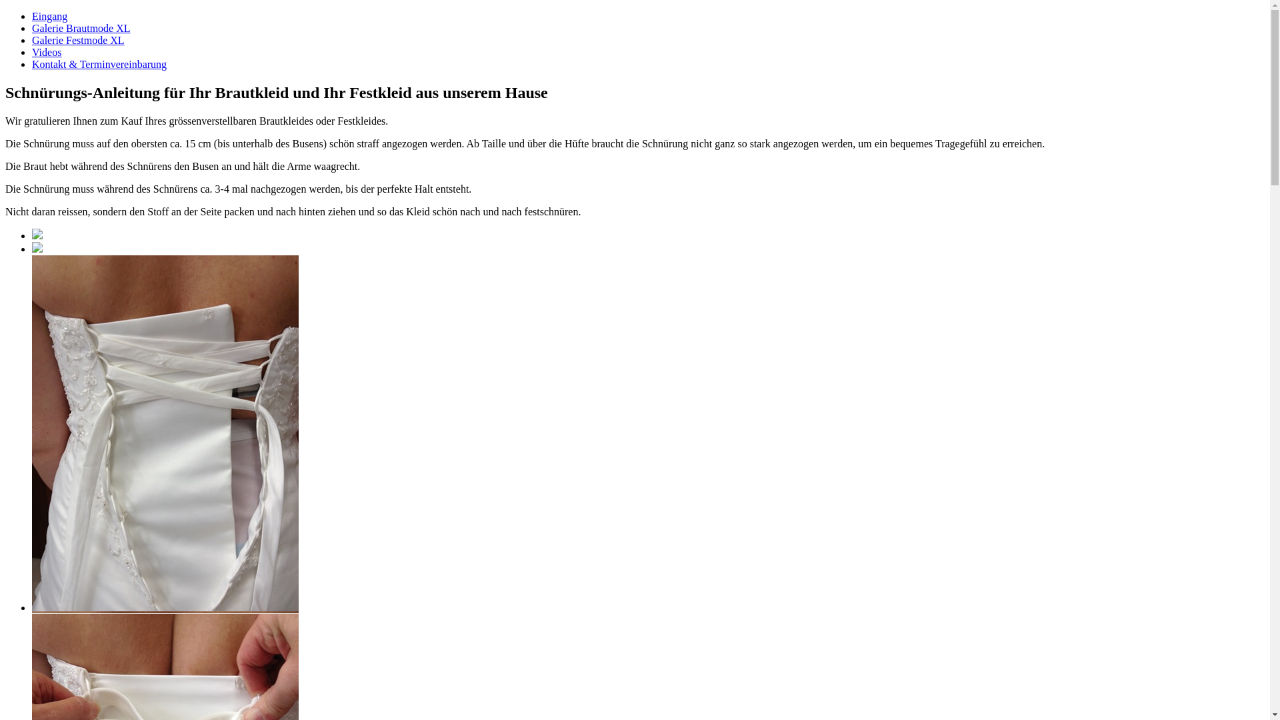 This screenshot has height=720, width=1280. What do you see at coordinates (98, 64) in the screenshot?
I see `'Kontakt & Terminvereinbarung'` at bounding box center [98, 64].